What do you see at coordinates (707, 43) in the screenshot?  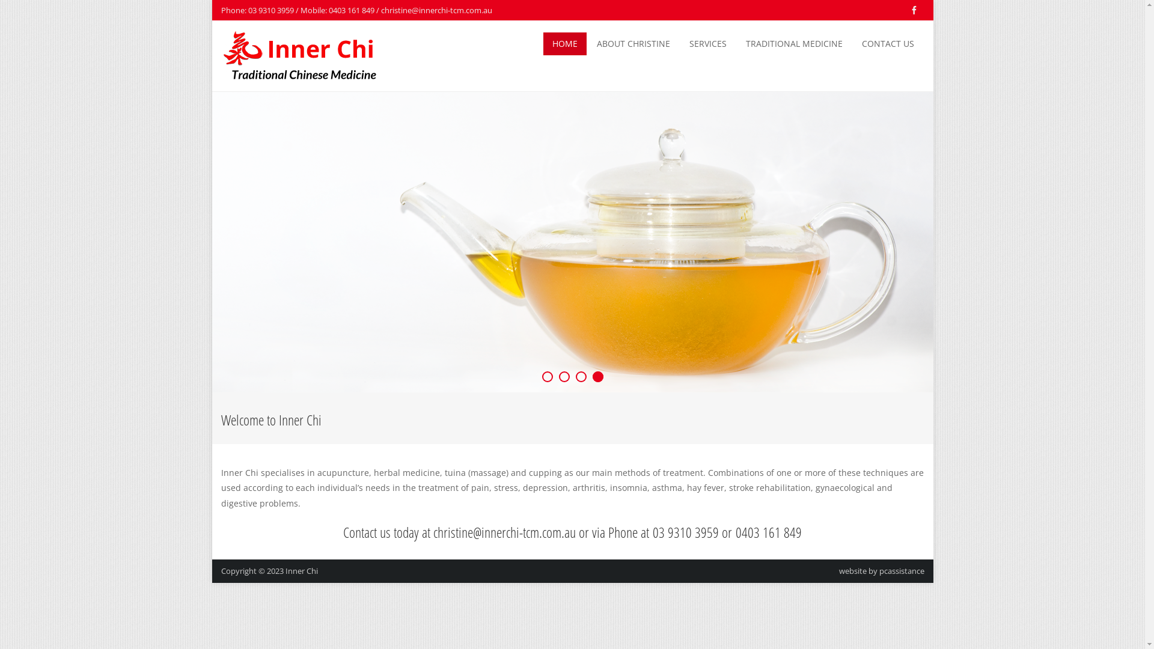 I see `'SERVICES'` at bounding box center [707, 43].